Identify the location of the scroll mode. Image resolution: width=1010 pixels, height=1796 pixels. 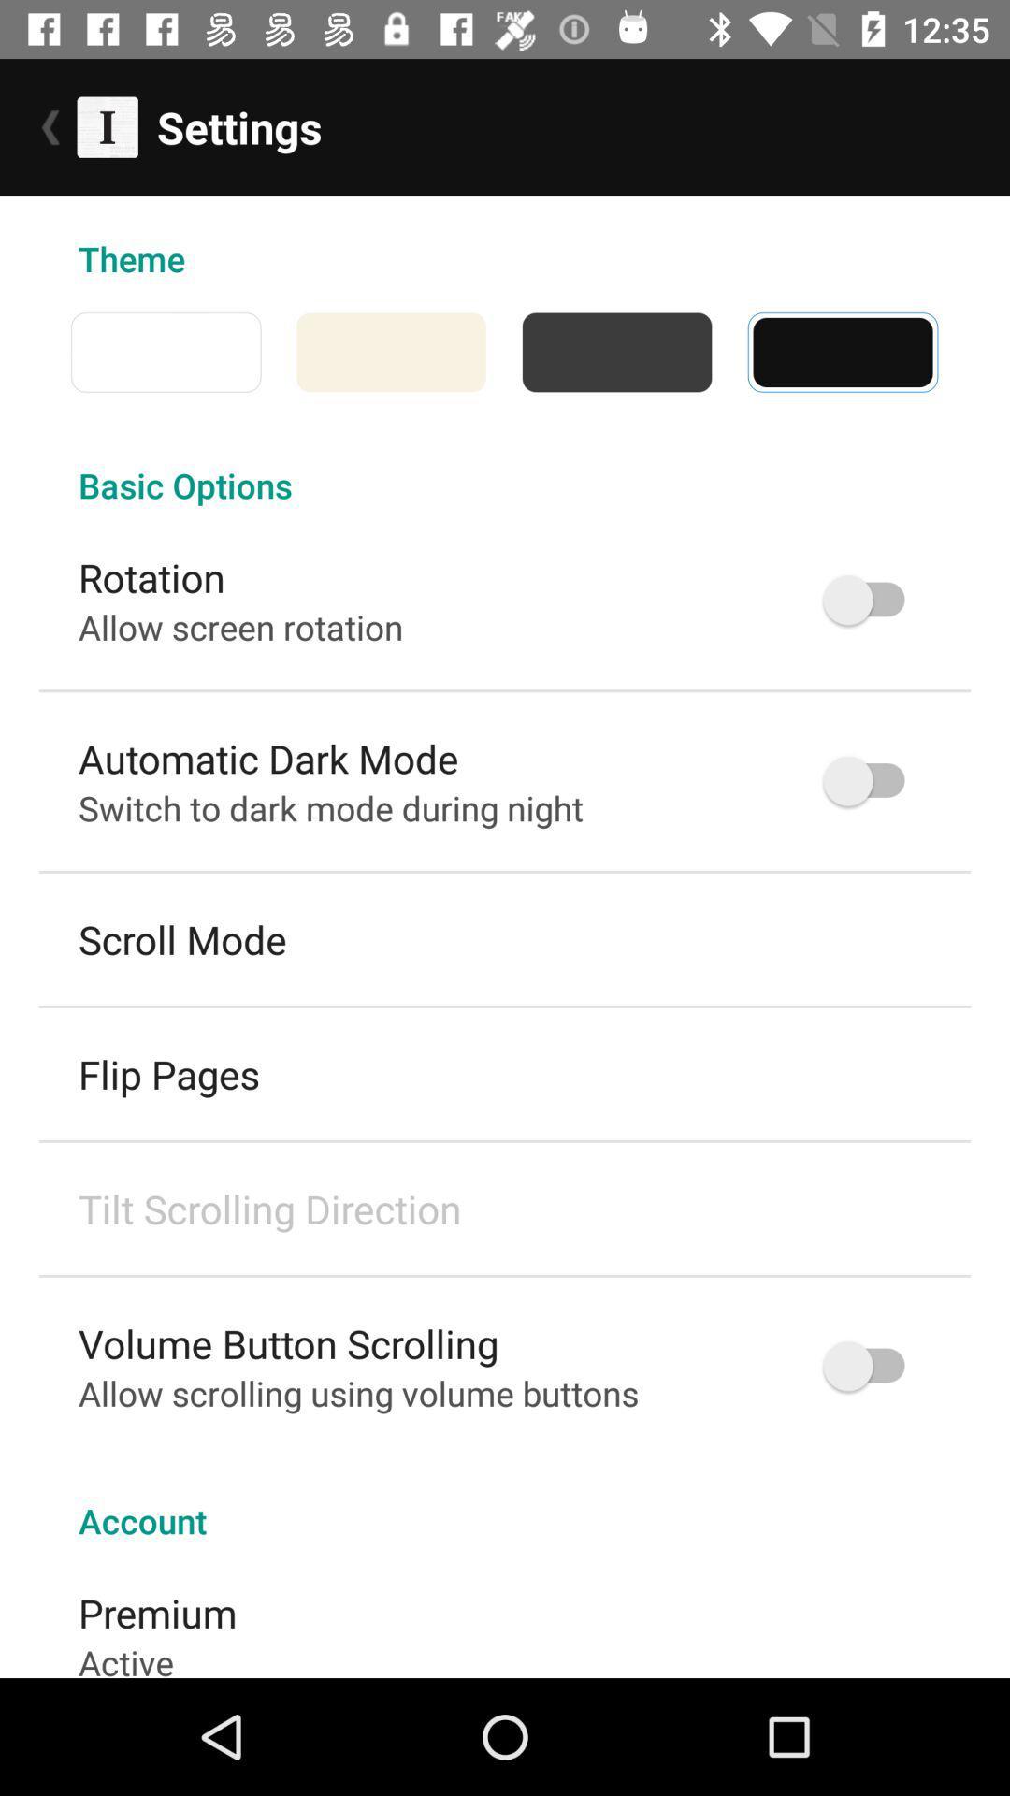
(182, 939).